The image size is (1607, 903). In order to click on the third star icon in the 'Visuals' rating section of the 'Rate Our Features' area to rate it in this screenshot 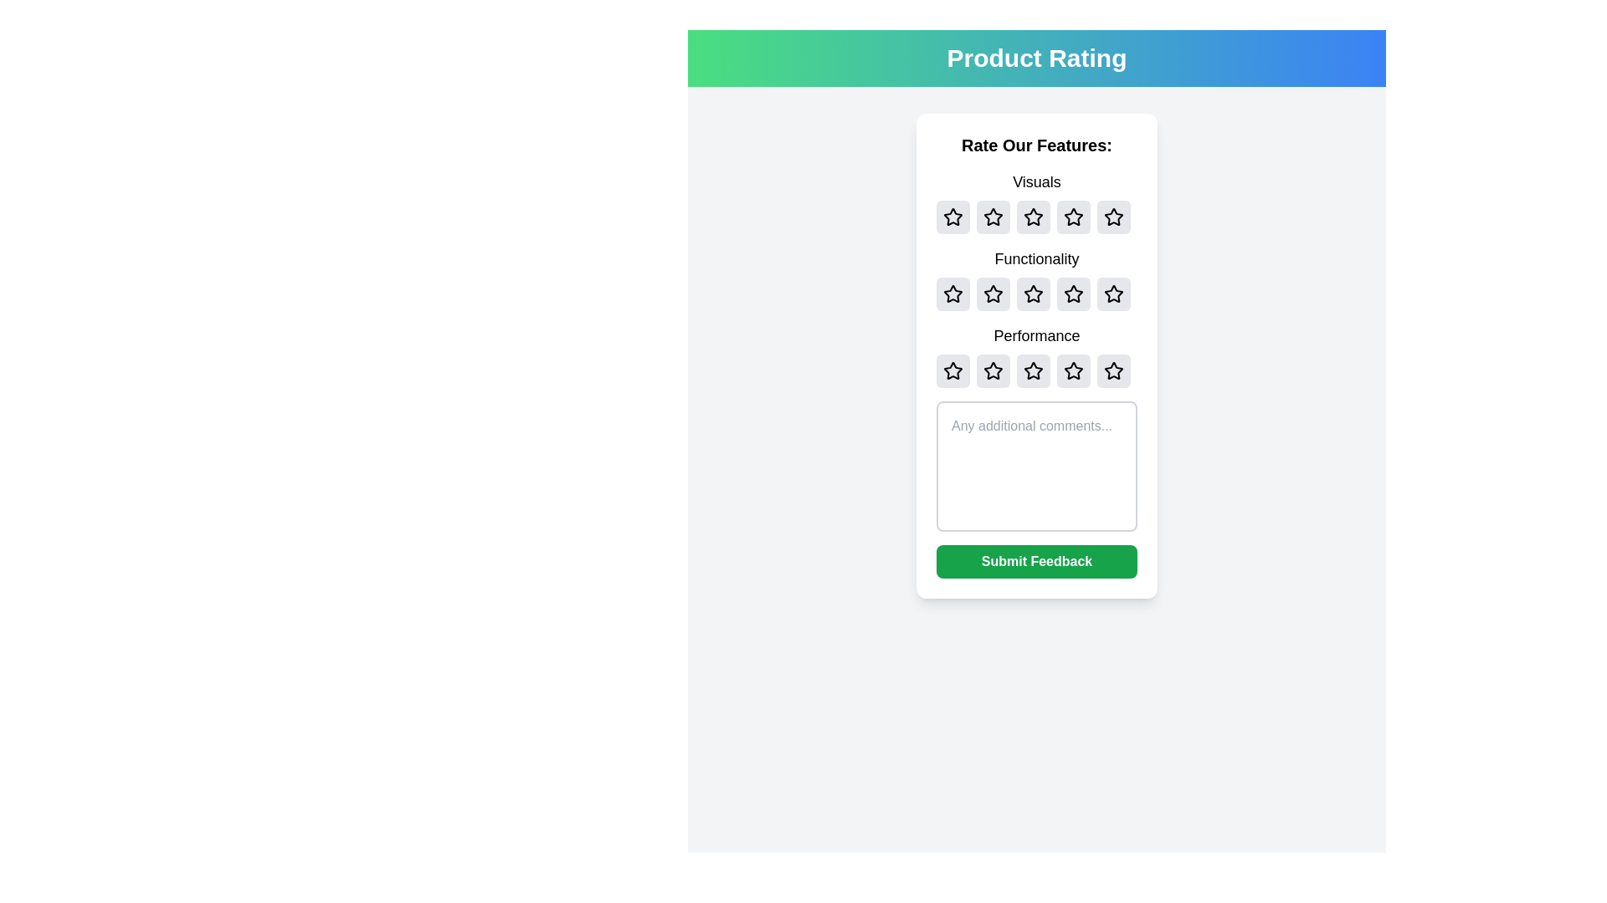, I will do `click(1035, 216)`.